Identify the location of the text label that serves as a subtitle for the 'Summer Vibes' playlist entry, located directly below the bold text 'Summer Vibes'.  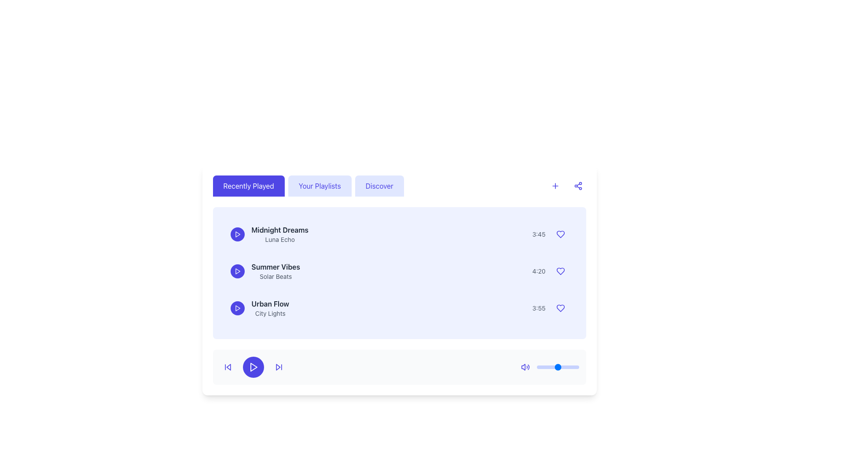
(275, 276).